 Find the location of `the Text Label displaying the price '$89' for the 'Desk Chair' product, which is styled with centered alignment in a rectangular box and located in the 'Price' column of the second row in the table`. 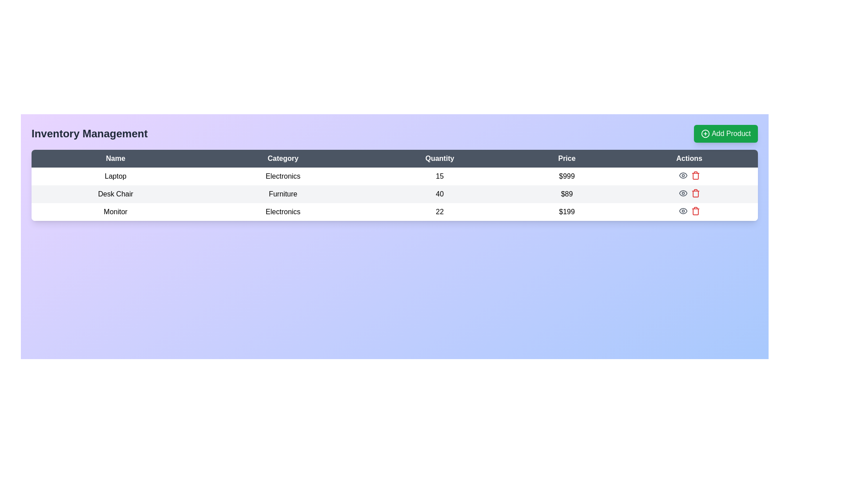

the Text Label displaying the price '$89' for the 'Desk Chair' product, which is styled with centered alignment in a rectangular box and located in the 'Price' column of the second row in the table is located at coordinates (566, 193).